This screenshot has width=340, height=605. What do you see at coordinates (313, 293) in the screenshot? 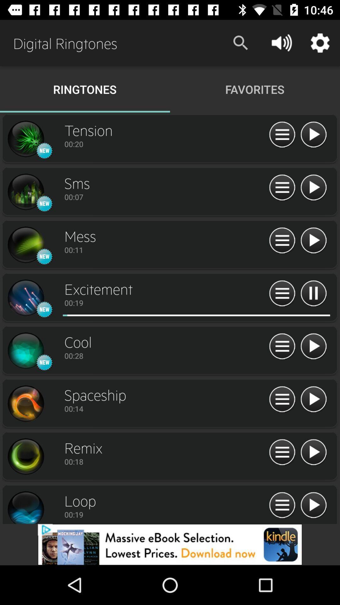
I see `music page` at bounding box center [313, 293].